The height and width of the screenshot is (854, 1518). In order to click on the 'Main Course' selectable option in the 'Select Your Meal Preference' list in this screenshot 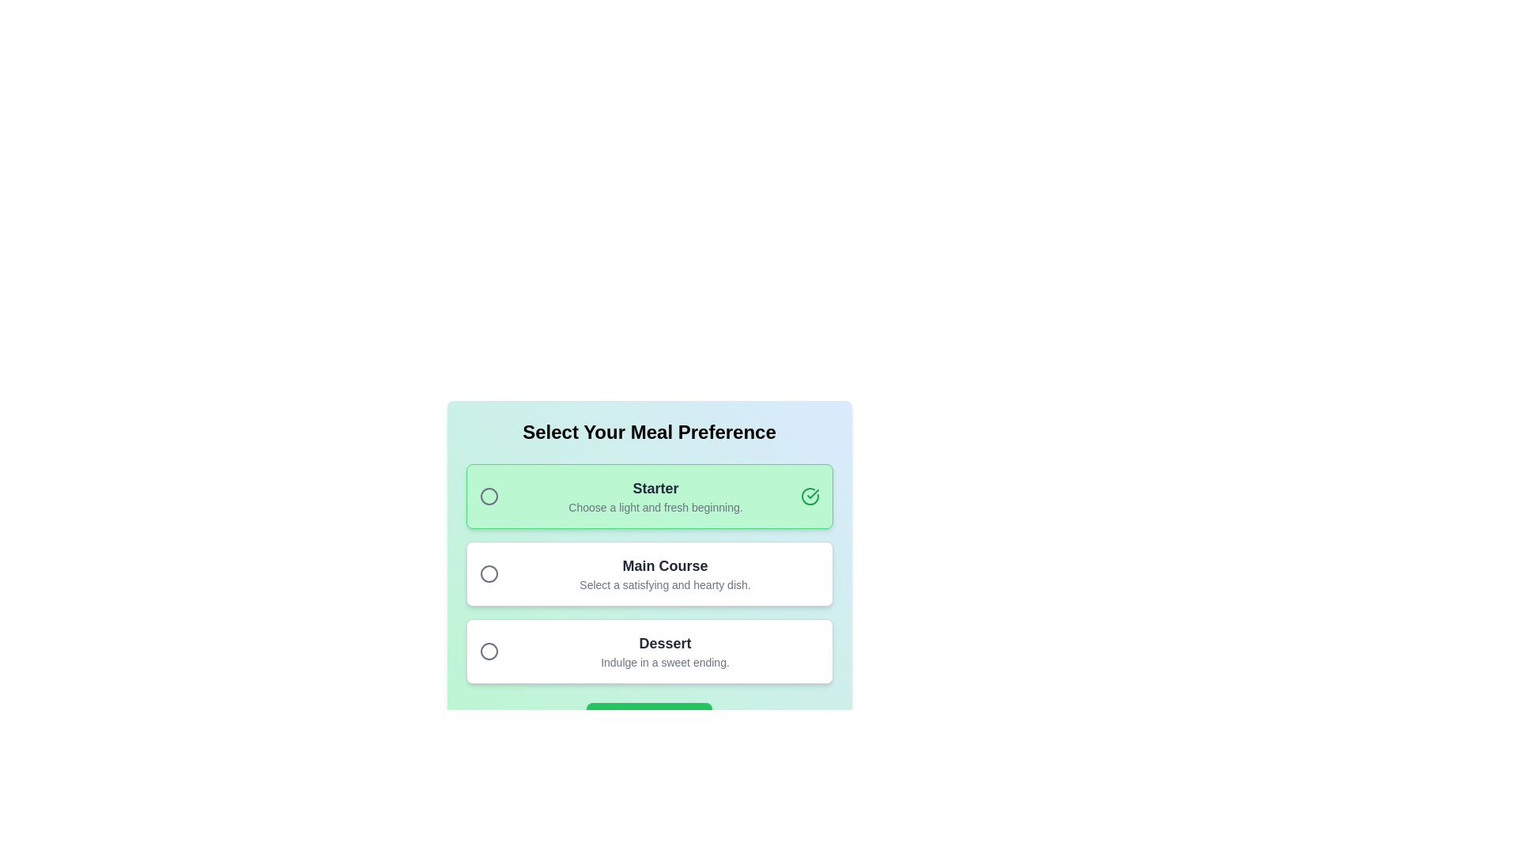, I will do `click(649, 573)`.